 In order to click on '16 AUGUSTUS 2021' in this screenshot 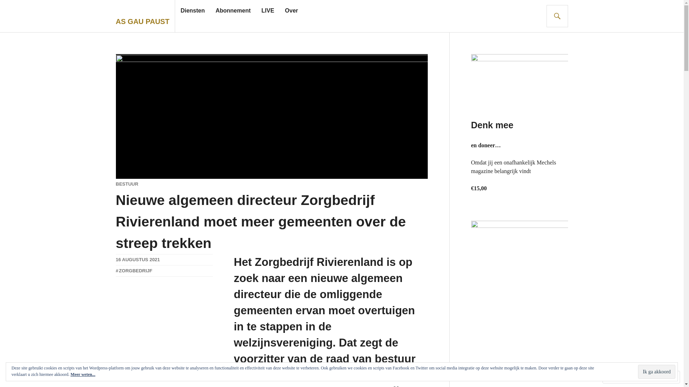, I will do `click(137, 259)`.